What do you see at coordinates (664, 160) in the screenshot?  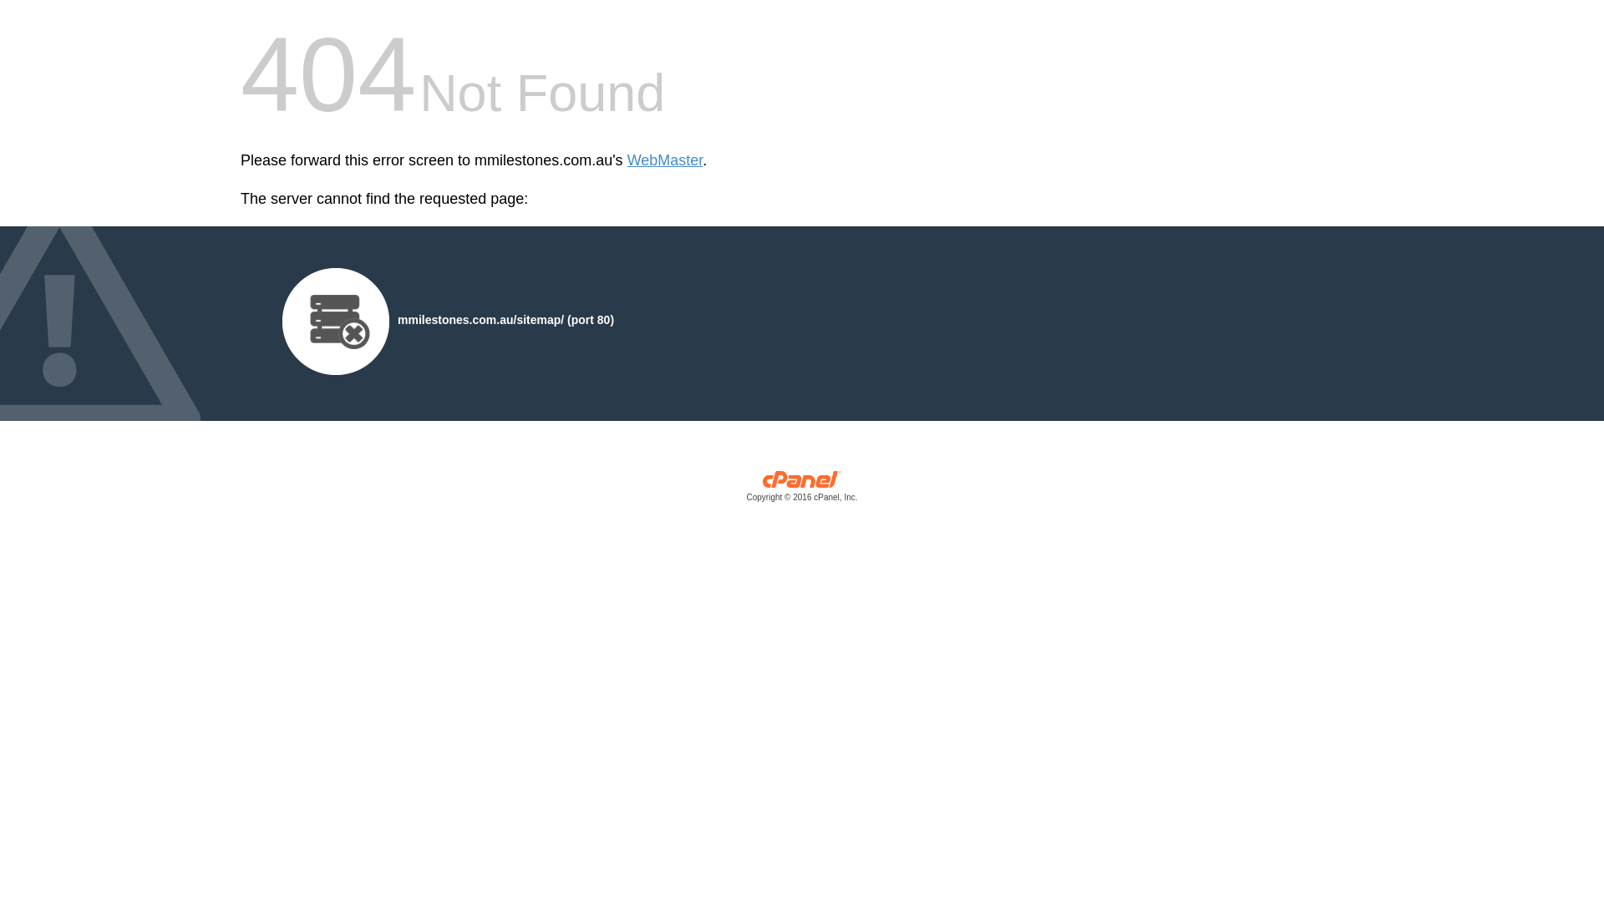 I see `'WebMaster'` at bounding box center [664, 160].